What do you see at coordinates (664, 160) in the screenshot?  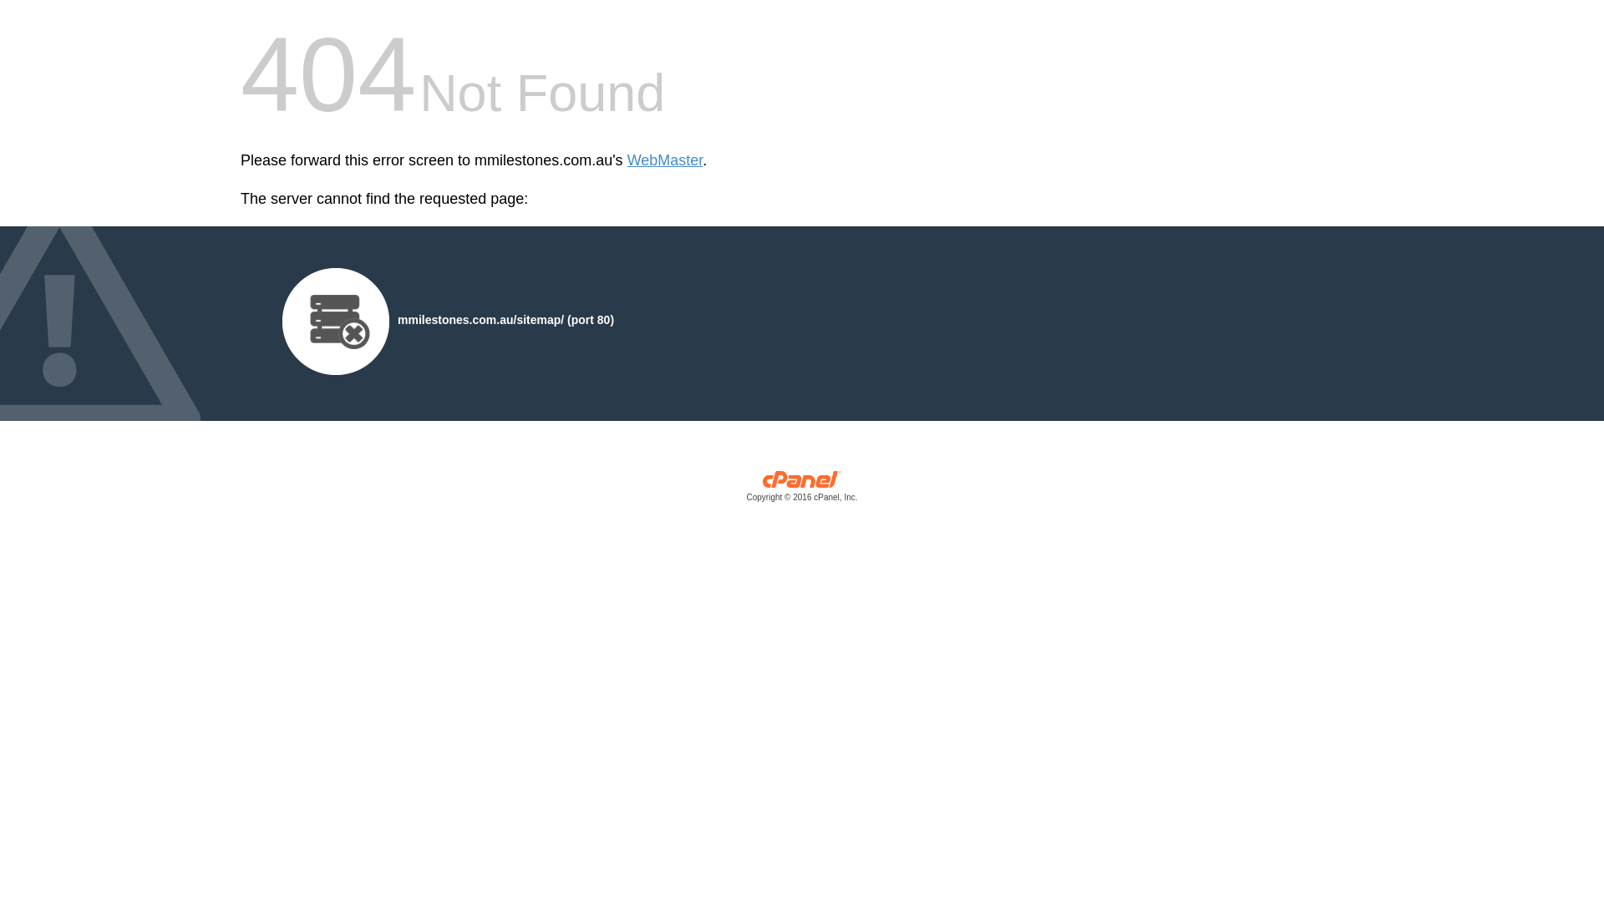 I see `'WebMaster'` at bounding box center [664, 160].